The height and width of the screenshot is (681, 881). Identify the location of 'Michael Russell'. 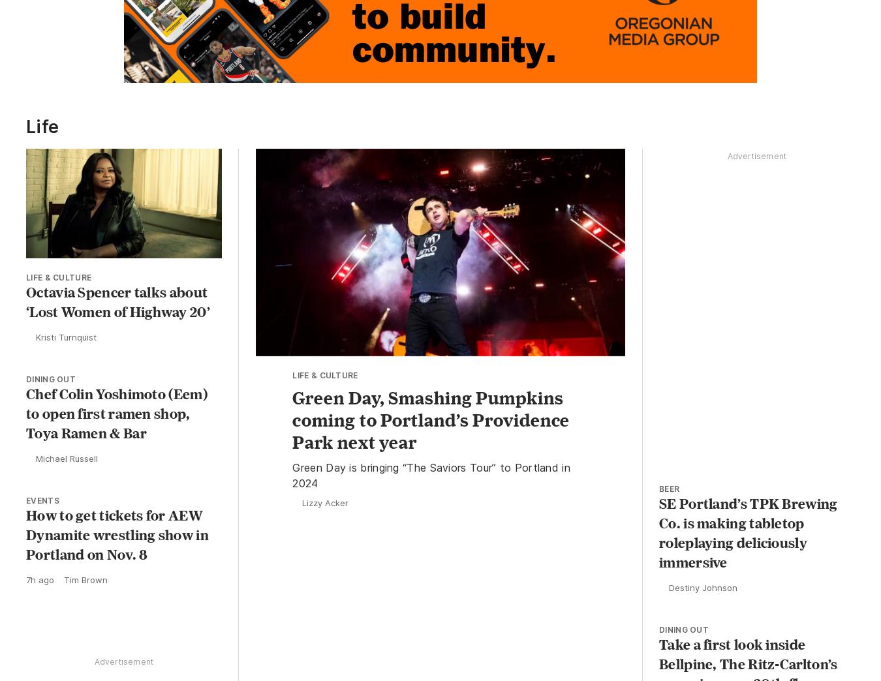
(66, 460).